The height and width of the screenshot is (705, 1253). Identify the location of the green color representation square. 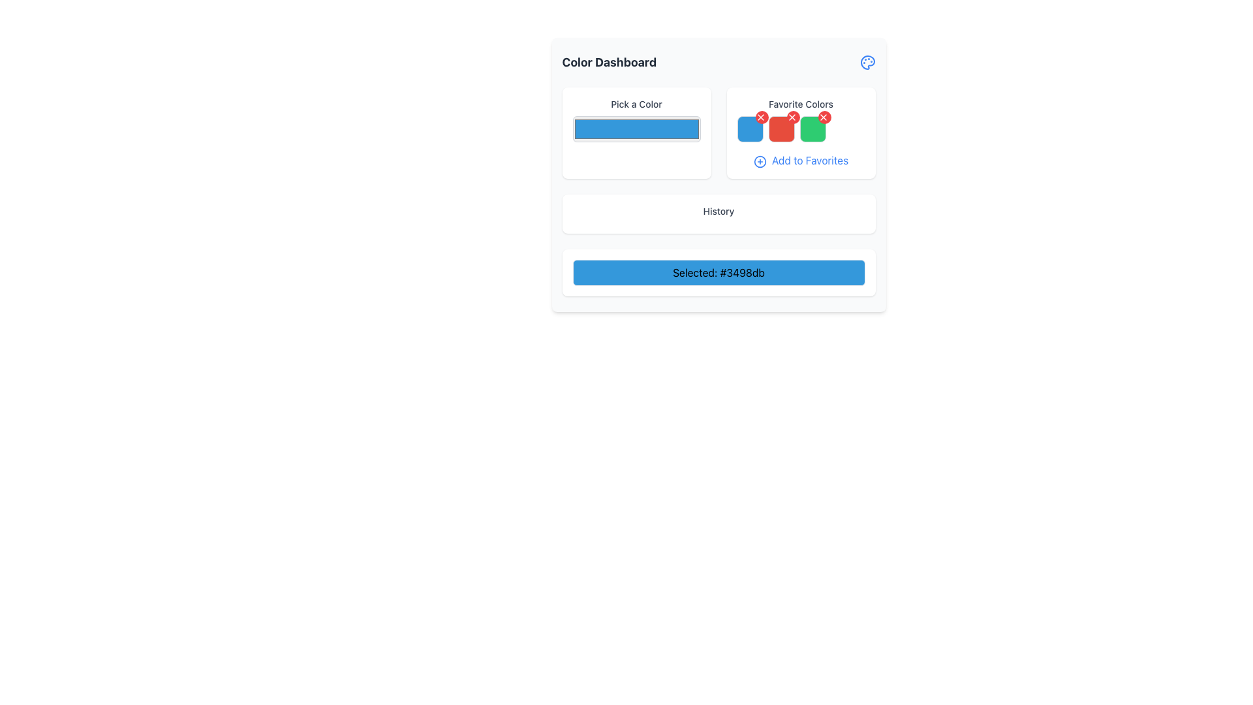
(812, 129).